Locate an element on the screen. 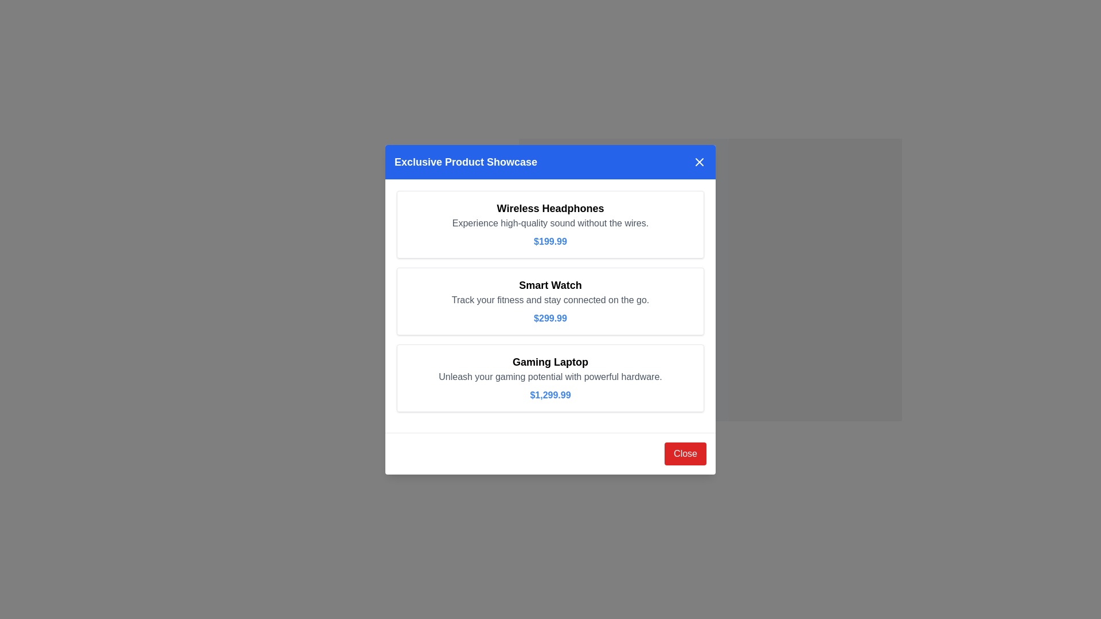 The height and width of the screenshot is (619, 1101). displayed information from the first Product Info Card located in the modal dialog, positioned above the 'Smart Watch' card is located at coordinates (550, 224).